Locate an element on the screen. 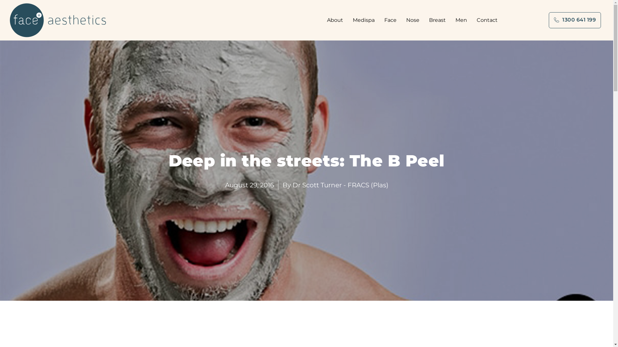 The image size is (618, 347). 'Men' is located at coordinates (463, 20).